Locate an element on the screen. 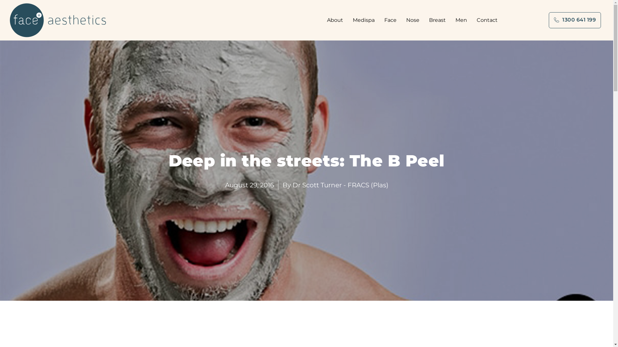 The image size is (618, 347). 'Men' is located at coordinates (463, 20).